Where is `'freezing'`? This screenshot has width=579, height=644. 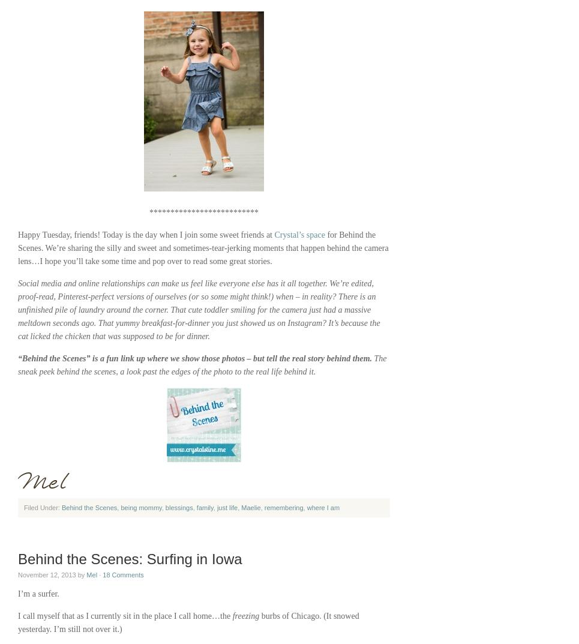
'freezing' is located at coordinates (245, 616).